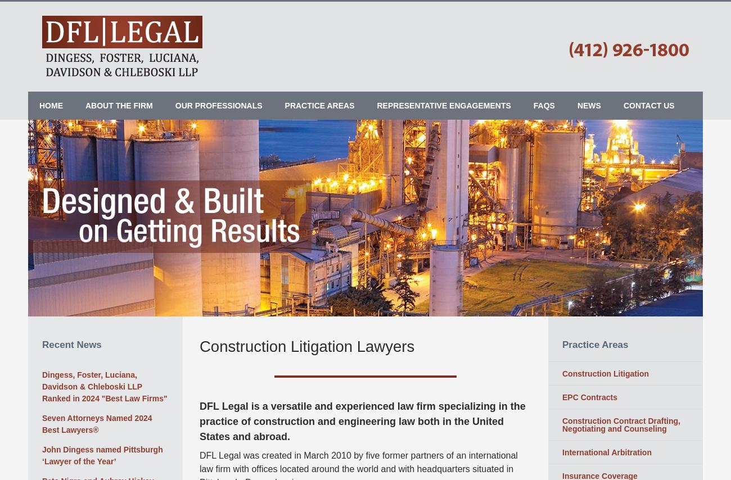 Image resolution: width=731 pixels, height=480 pixels. I want to click on 'Recent News', so click(42, 344).